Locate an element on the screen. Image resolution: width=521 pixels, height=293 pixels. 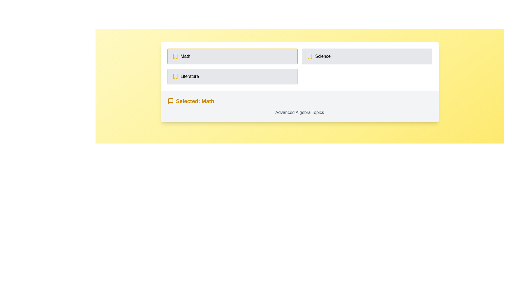
the 'Math' label which serves as a topic identifier in the vertical list of selectable topics is located at coordinates (185, 56).